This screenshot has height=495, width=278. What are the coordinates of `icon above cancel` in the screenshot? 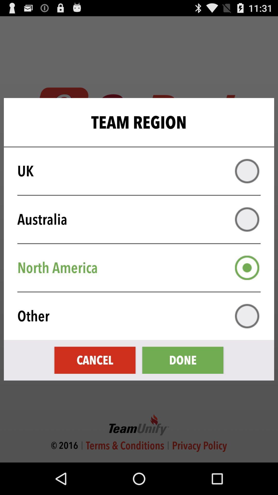 It's located at (142, 316).